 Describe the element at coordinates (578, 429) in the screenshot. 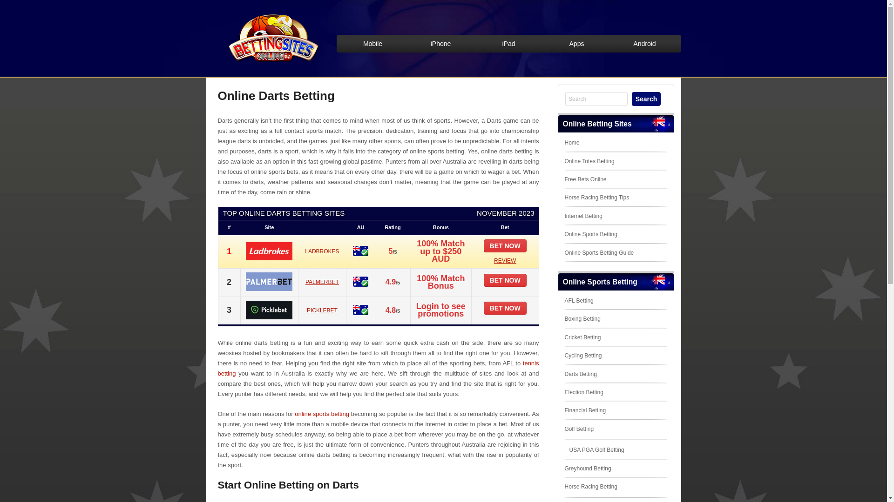

I see `'Golf Betting'` at that location.